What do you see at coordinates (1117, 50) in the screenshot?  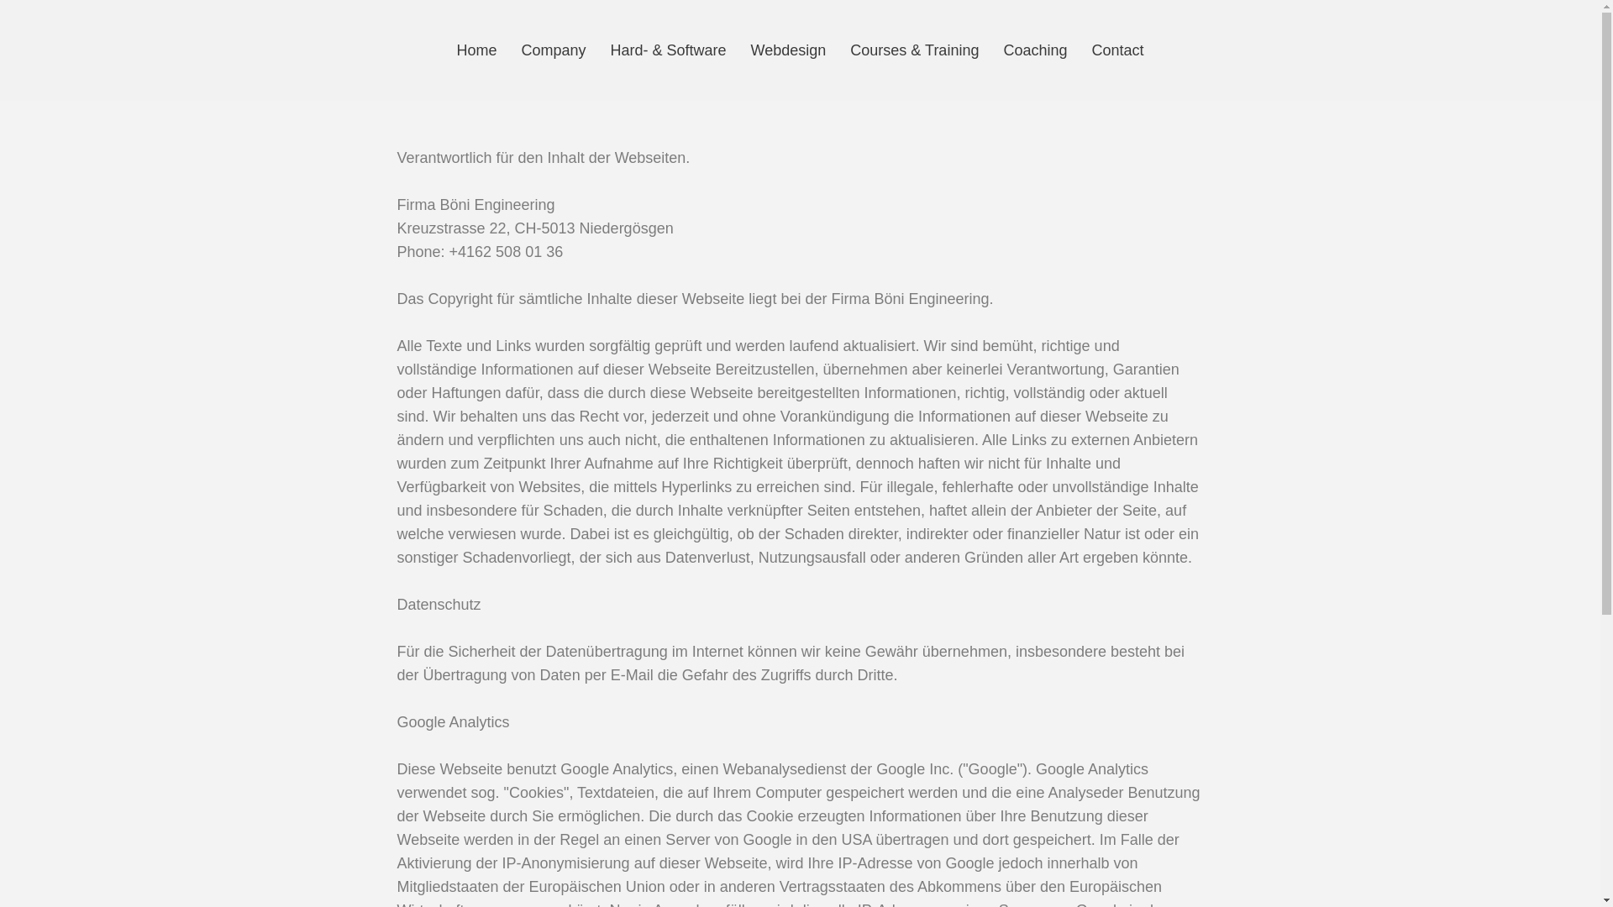 I see `'Contact'` at bounding box center [1117, 50].